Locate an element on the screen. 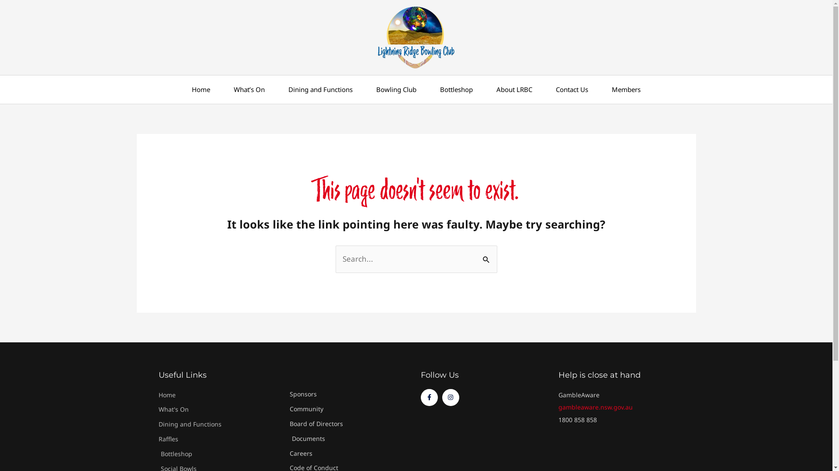 This screenshot has height=471, width=839. 'Home' is located at coordinates (201, 89).